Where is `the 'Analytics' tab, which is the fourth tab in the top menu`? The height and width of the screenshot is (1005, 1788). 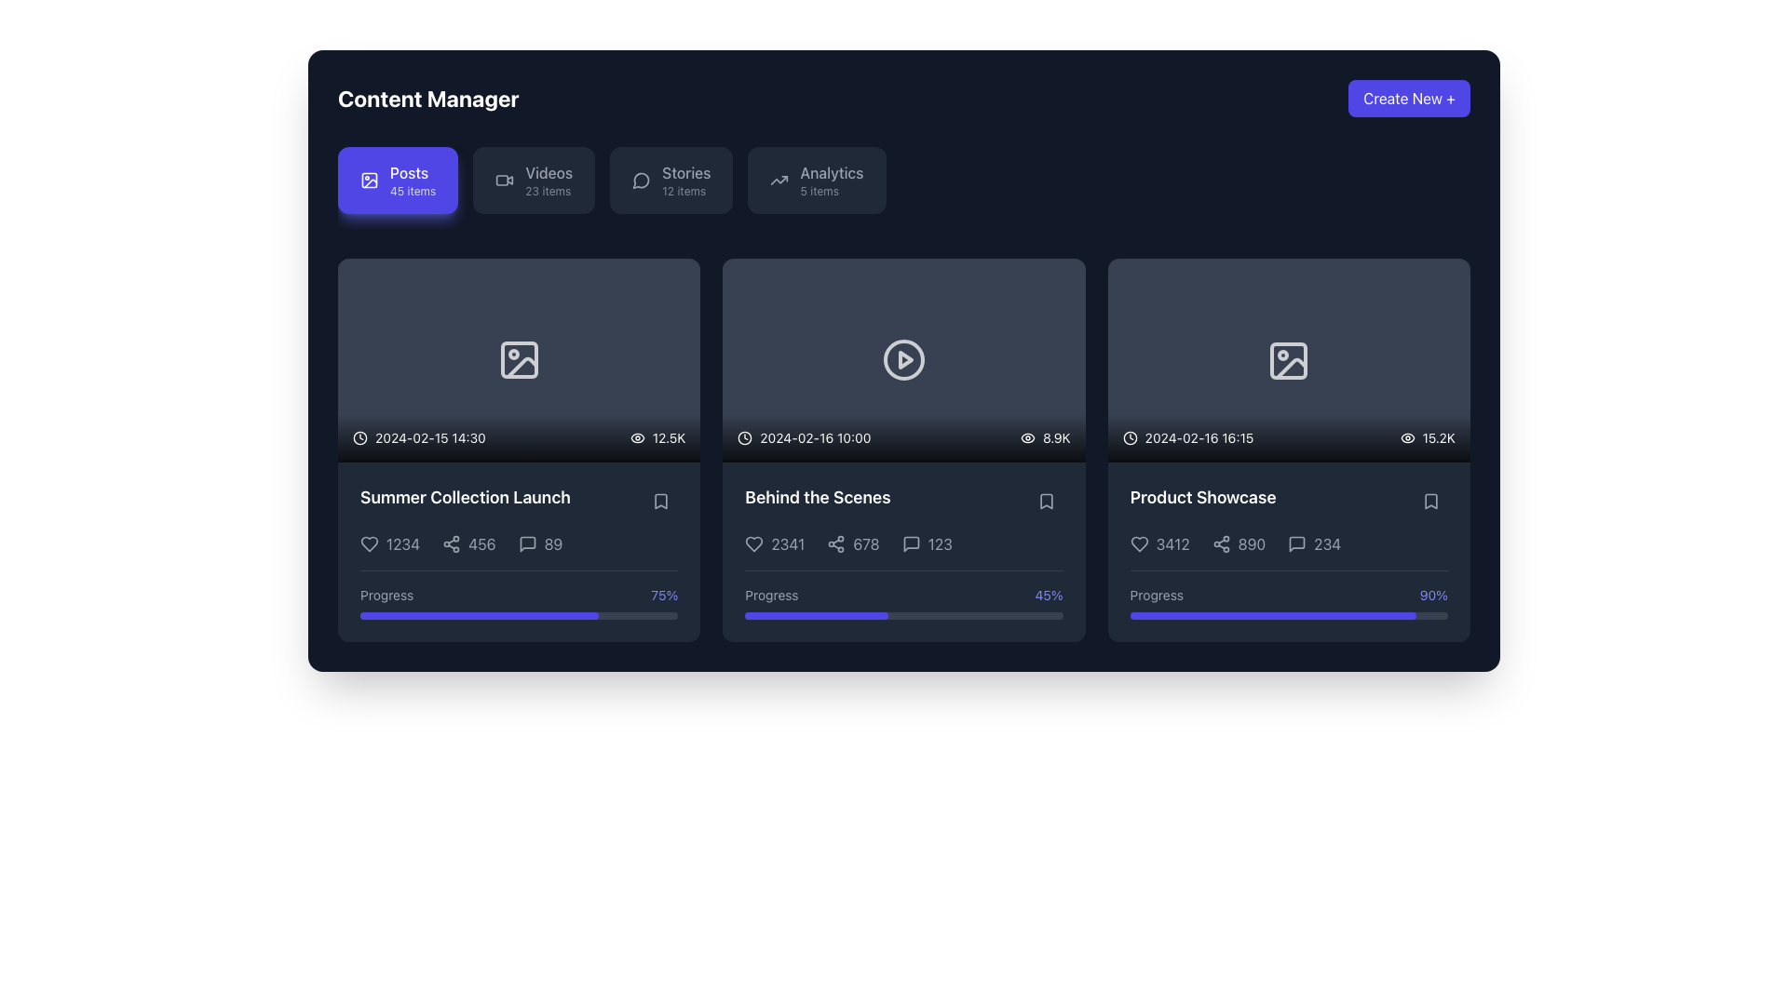
the 'Analytics' tab, which is the fourth tab in the top menu is located at coordinates (831, 172).